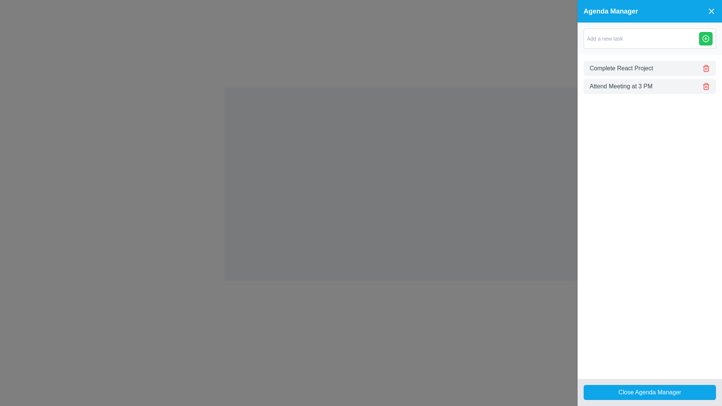 Image resolution: width=722 pixels, height=406 pixels. I want to click on text content of the Text Label located in the Agenda Manager panel, positioned left of the delete button icon, so click(621, 86).